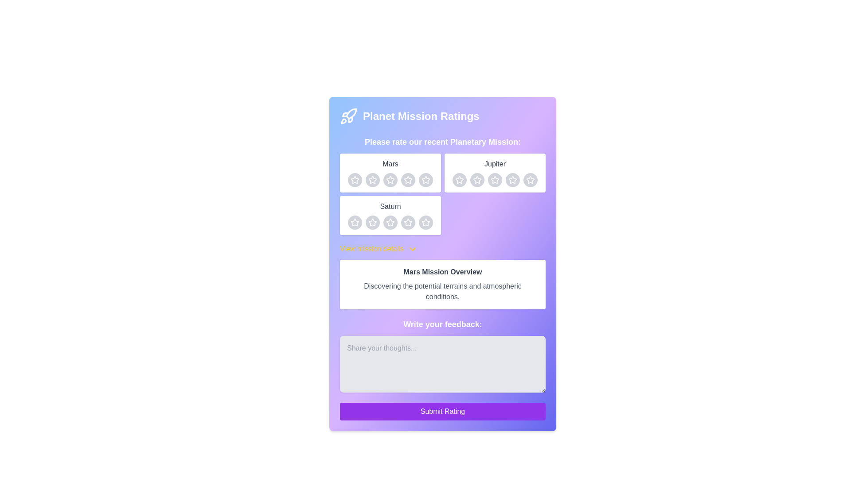 Image resolution: width=851 pixels, height=478 pixels. Describe the element at coordinates (390, 180) in the screenshot. I see `the star-shaped icon in the rating component below the 'Mars' label to set a rating` at that location.